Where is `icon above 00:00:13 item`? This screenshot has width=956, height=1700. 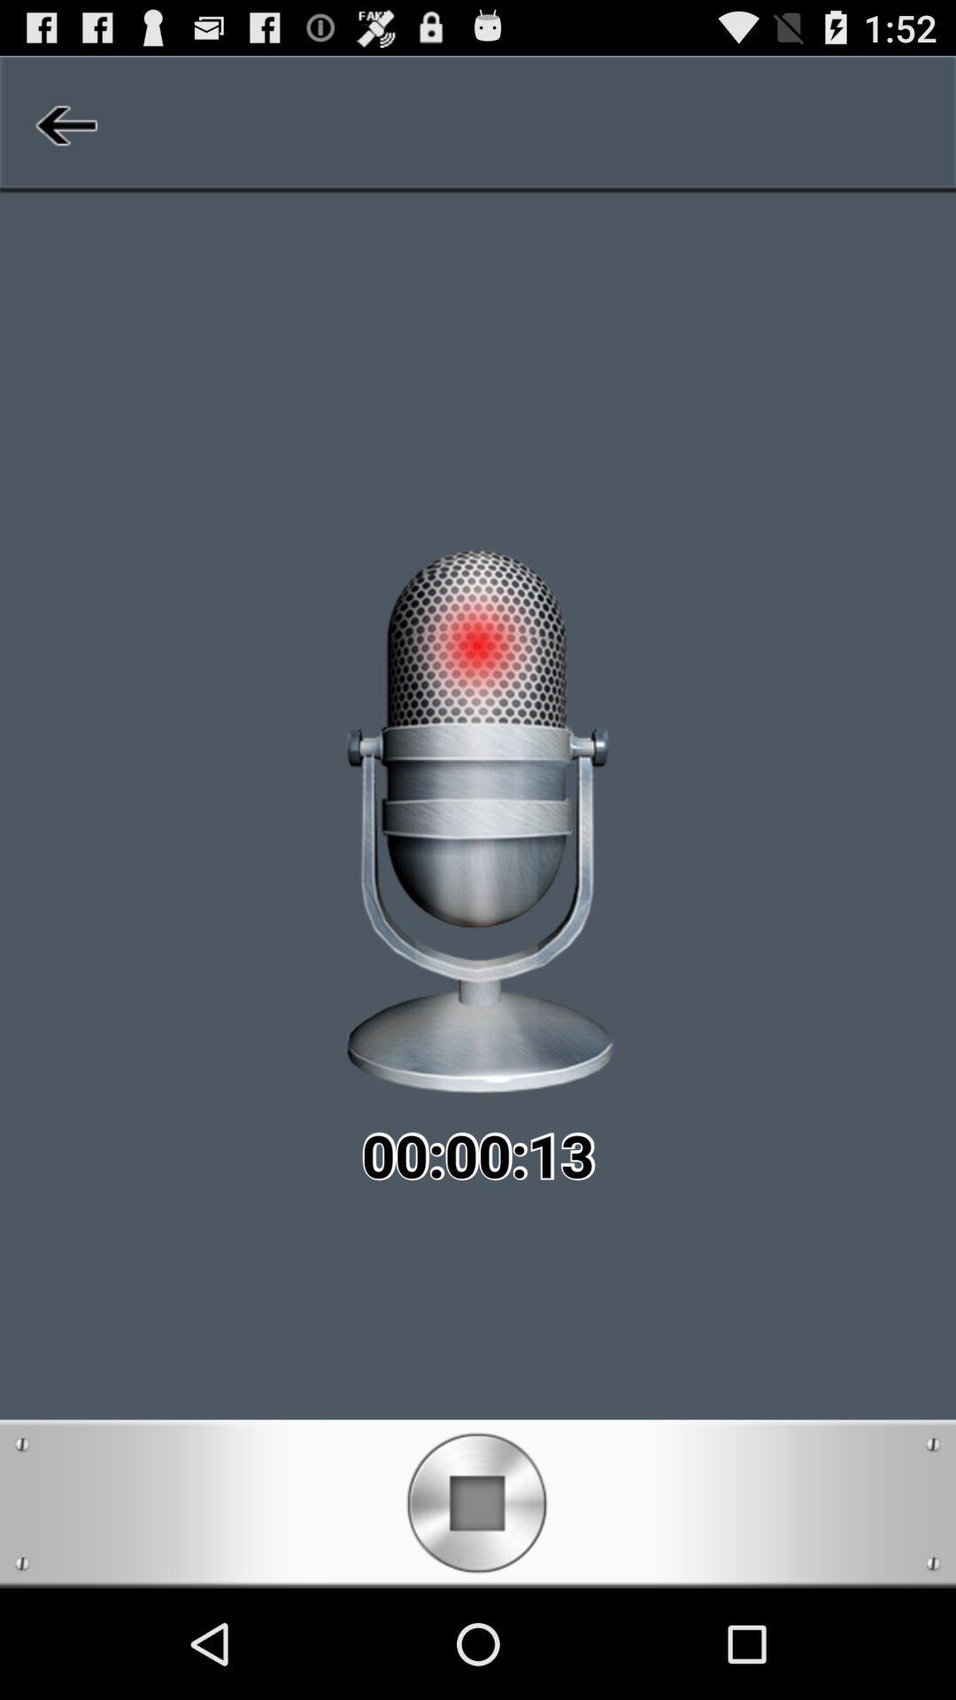
icon above 00:00:13 item is located at coordinates (63, 124).